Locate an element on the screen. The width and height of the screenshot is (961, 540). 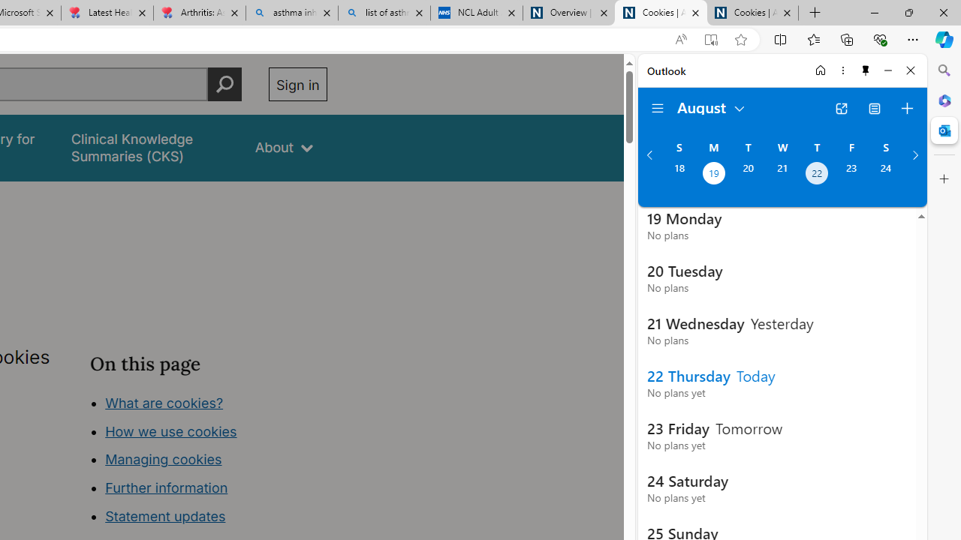
'About' is located at coordinates (284, 148).